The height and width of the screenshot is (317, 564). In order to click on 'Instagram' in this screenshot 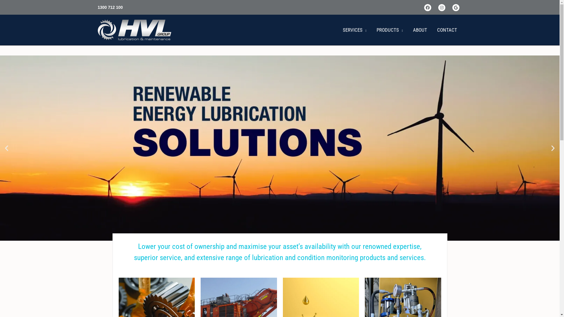, I will do `click(442, 8)`.